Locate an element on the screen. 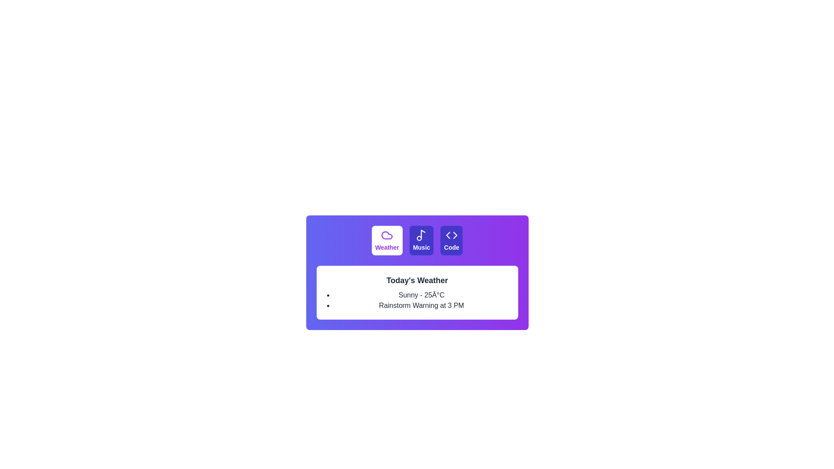 The height and width of the screenshot is (469, 834). the small circular graphical element located at the lower-left area of the musical note icon, which is part of the 'Music' icon is located at coordinates (419, 238).